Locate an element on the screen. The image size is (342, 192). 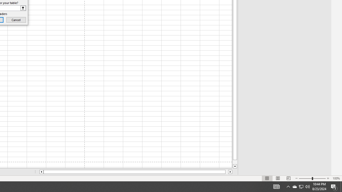
'Page right' is located at coordinates (227, 172).